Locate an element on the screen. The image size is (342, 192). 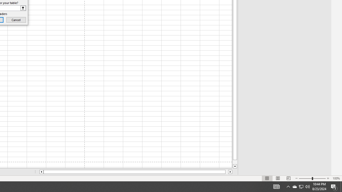
'Page right' is located at coordinates (227, 172).